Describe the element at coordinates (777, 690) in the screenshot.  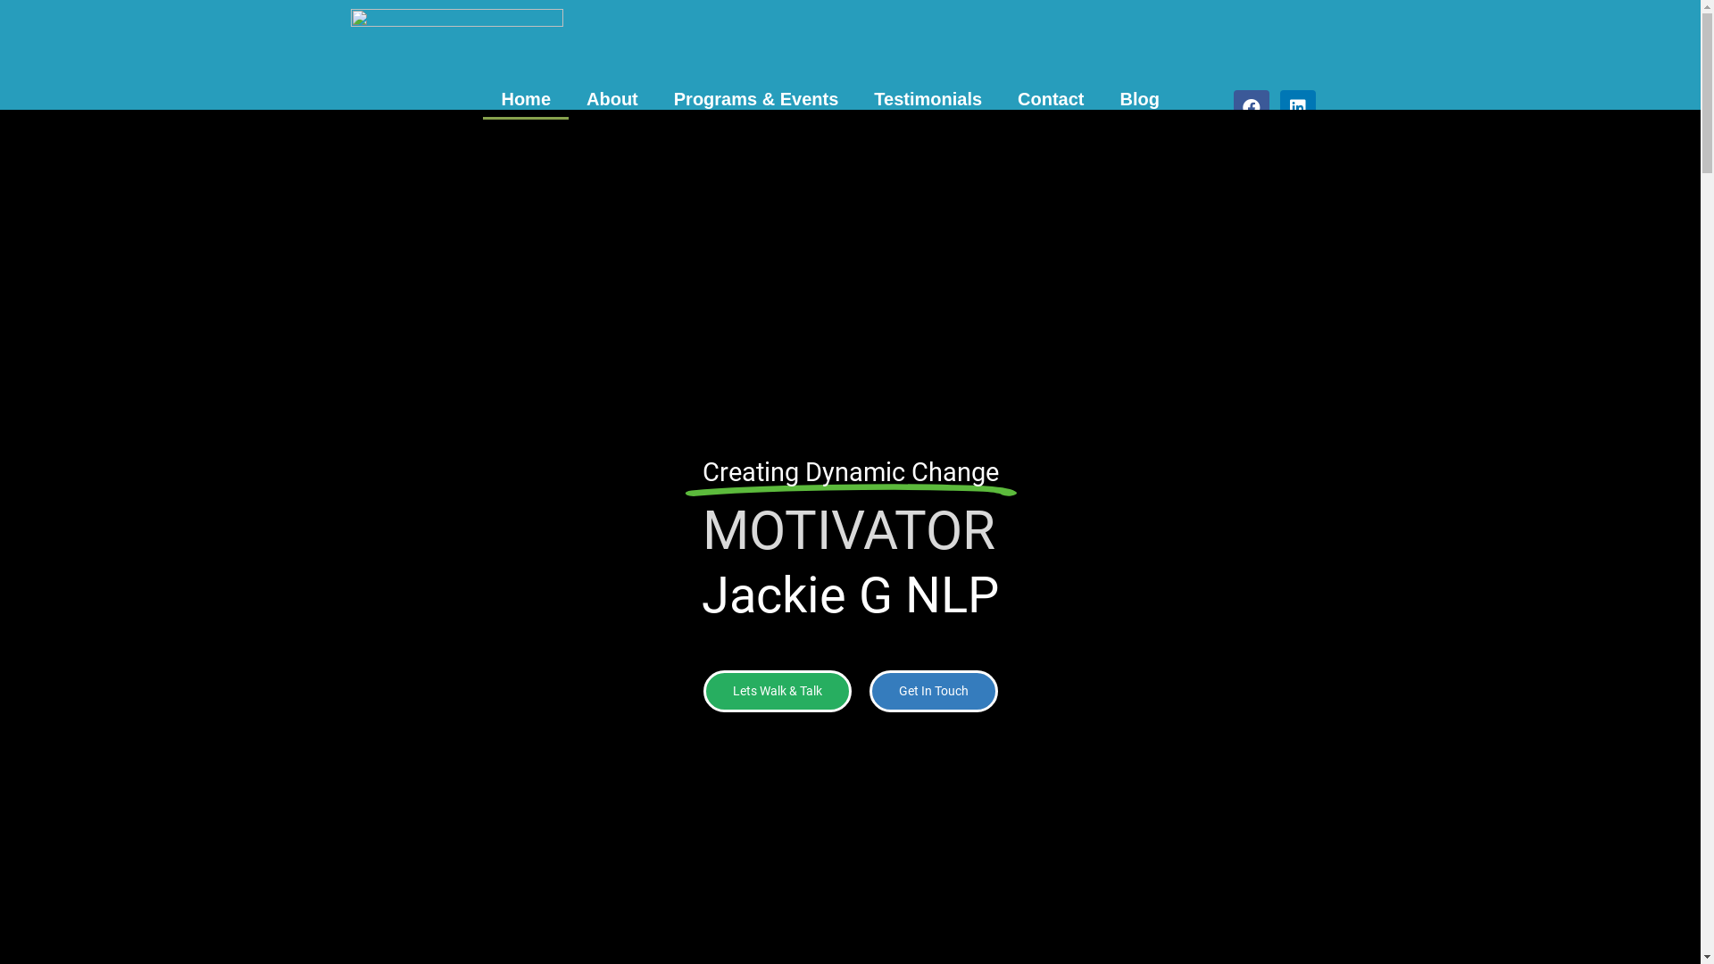
I see `'Lets Walk & Talk'` at that location.